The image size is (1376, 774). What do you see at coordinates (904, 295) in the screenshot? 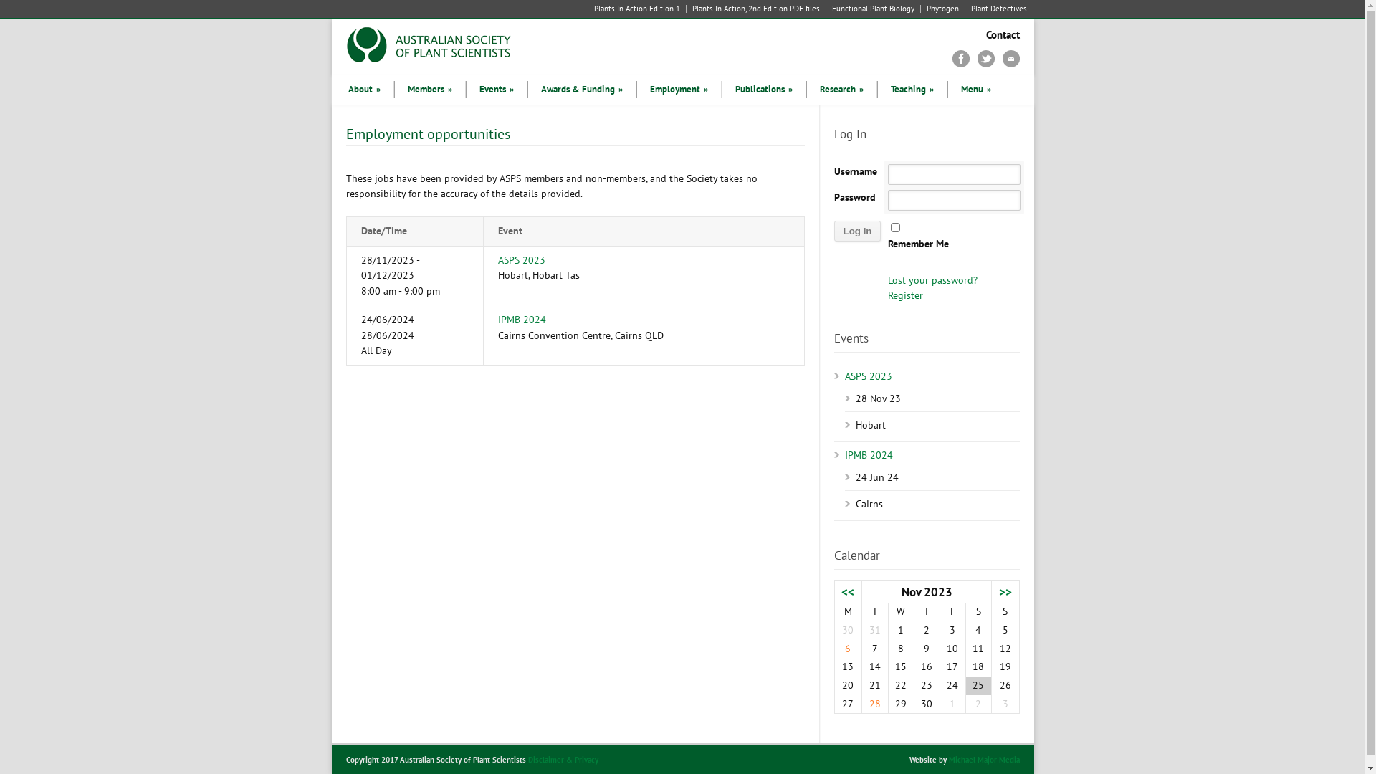
I see `'Register'` at bounding box center [904, 295].